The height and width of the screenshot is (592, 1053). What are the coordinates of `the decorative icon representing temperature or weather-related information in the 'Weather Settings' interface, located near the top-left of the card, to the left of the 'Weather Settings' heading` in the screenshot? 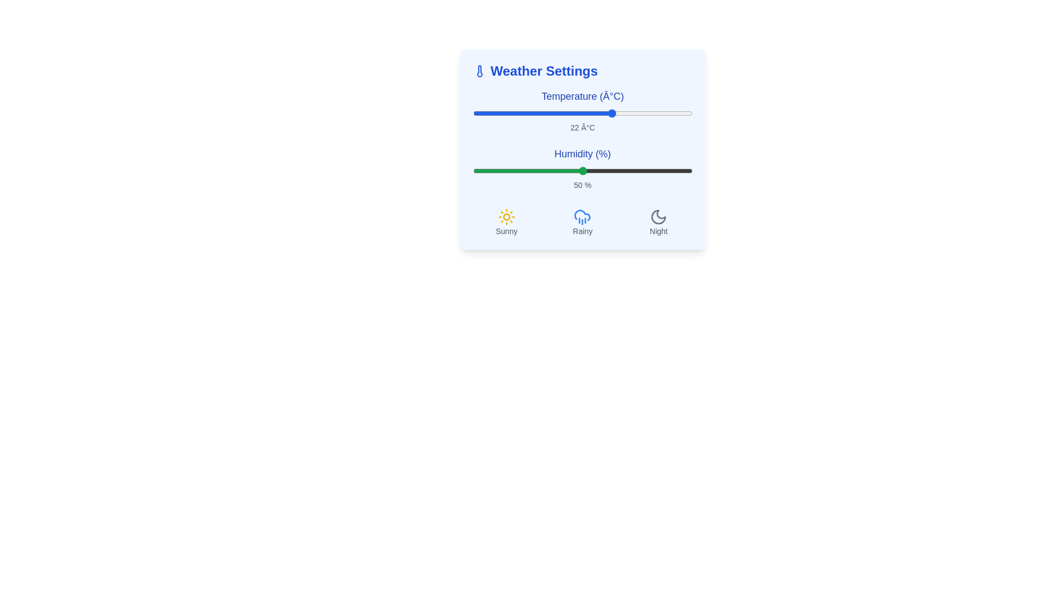 It's located at (479, 71).